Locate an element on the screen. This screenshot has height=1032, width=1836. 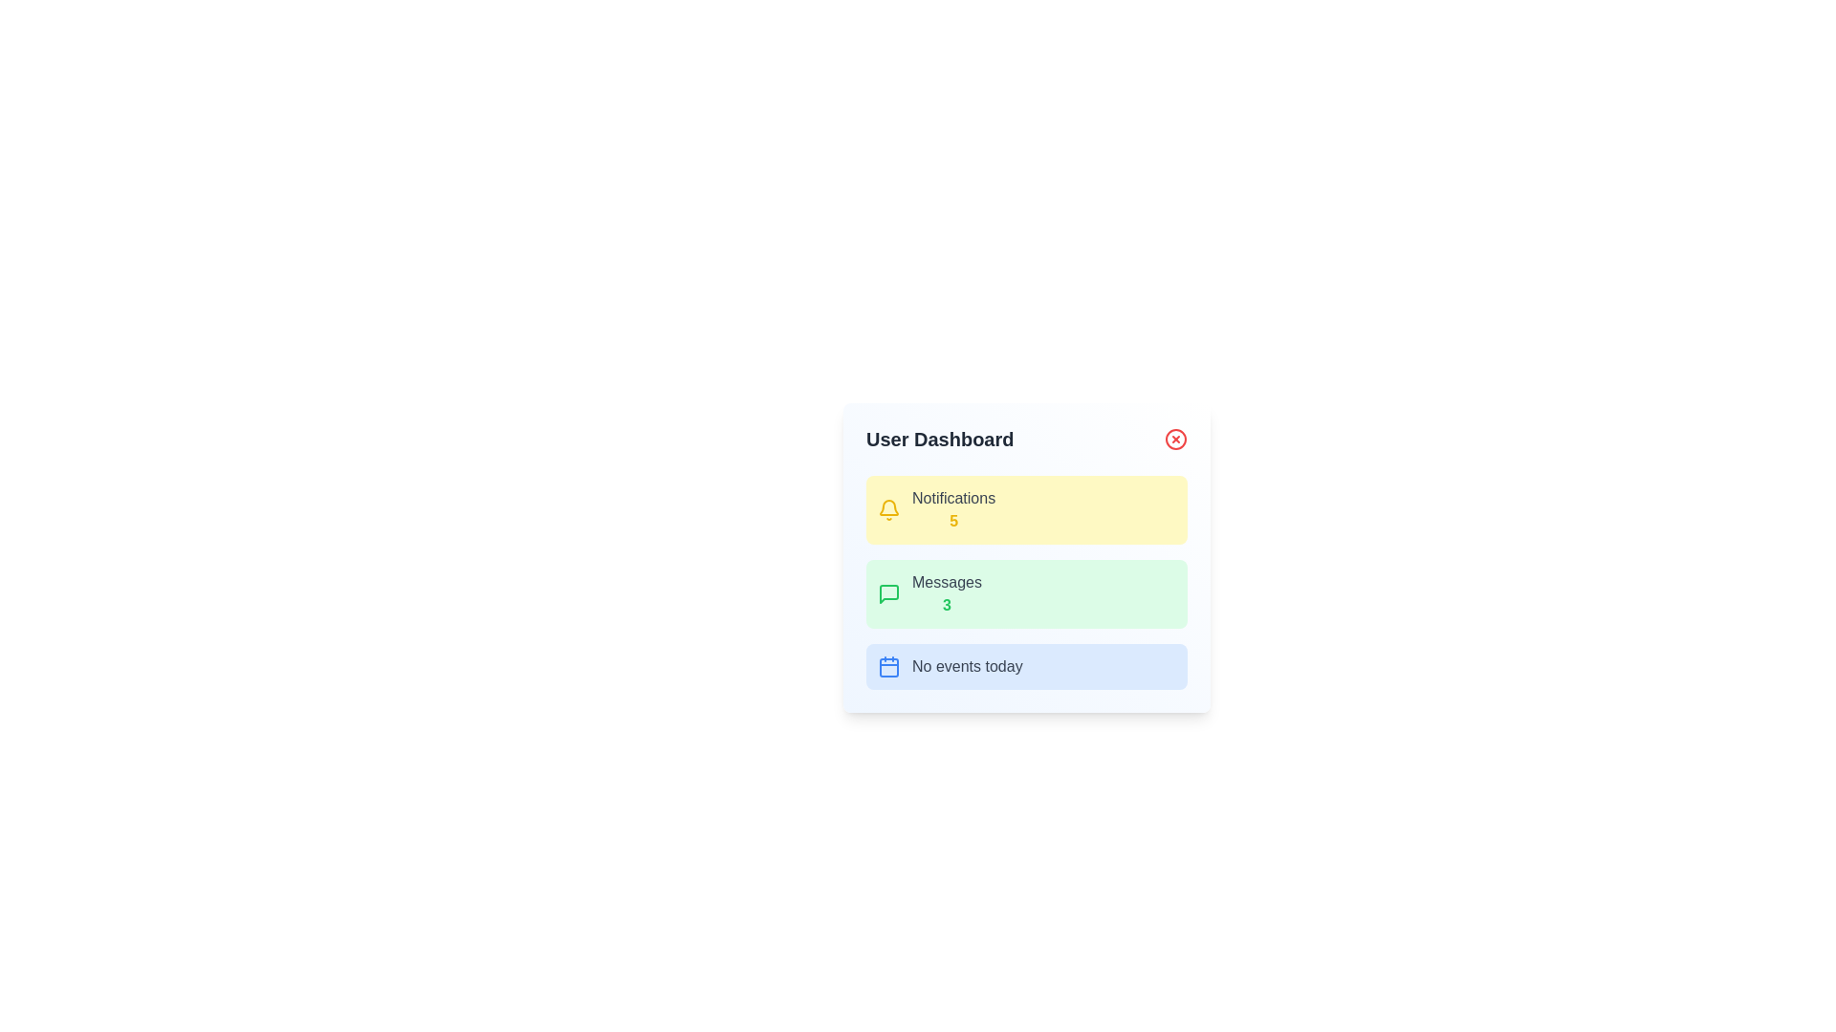
text displayed in the header of the card-like structure, which serves as the title for the underlying content is located at coordinates (940, 439).